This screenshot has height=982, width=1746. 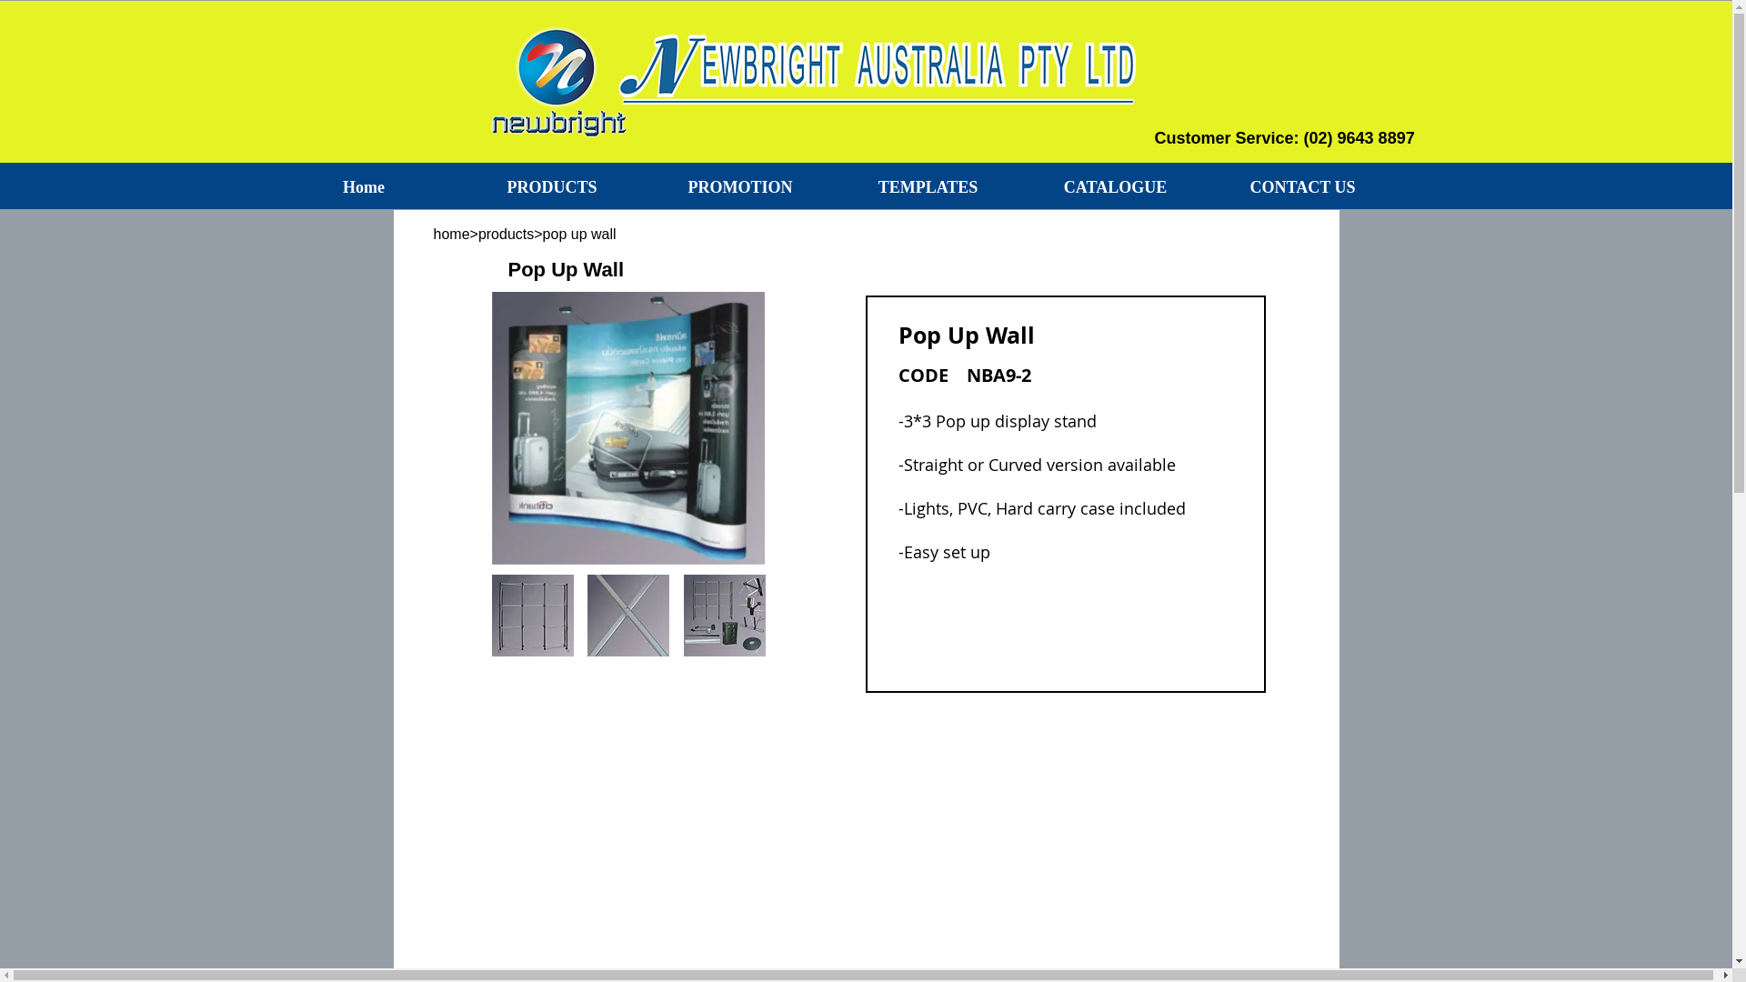 What do you see at coordinates (833, 186) in the screenshot?
I see `'TEMPLATES'` at bounding box center [833, 186].